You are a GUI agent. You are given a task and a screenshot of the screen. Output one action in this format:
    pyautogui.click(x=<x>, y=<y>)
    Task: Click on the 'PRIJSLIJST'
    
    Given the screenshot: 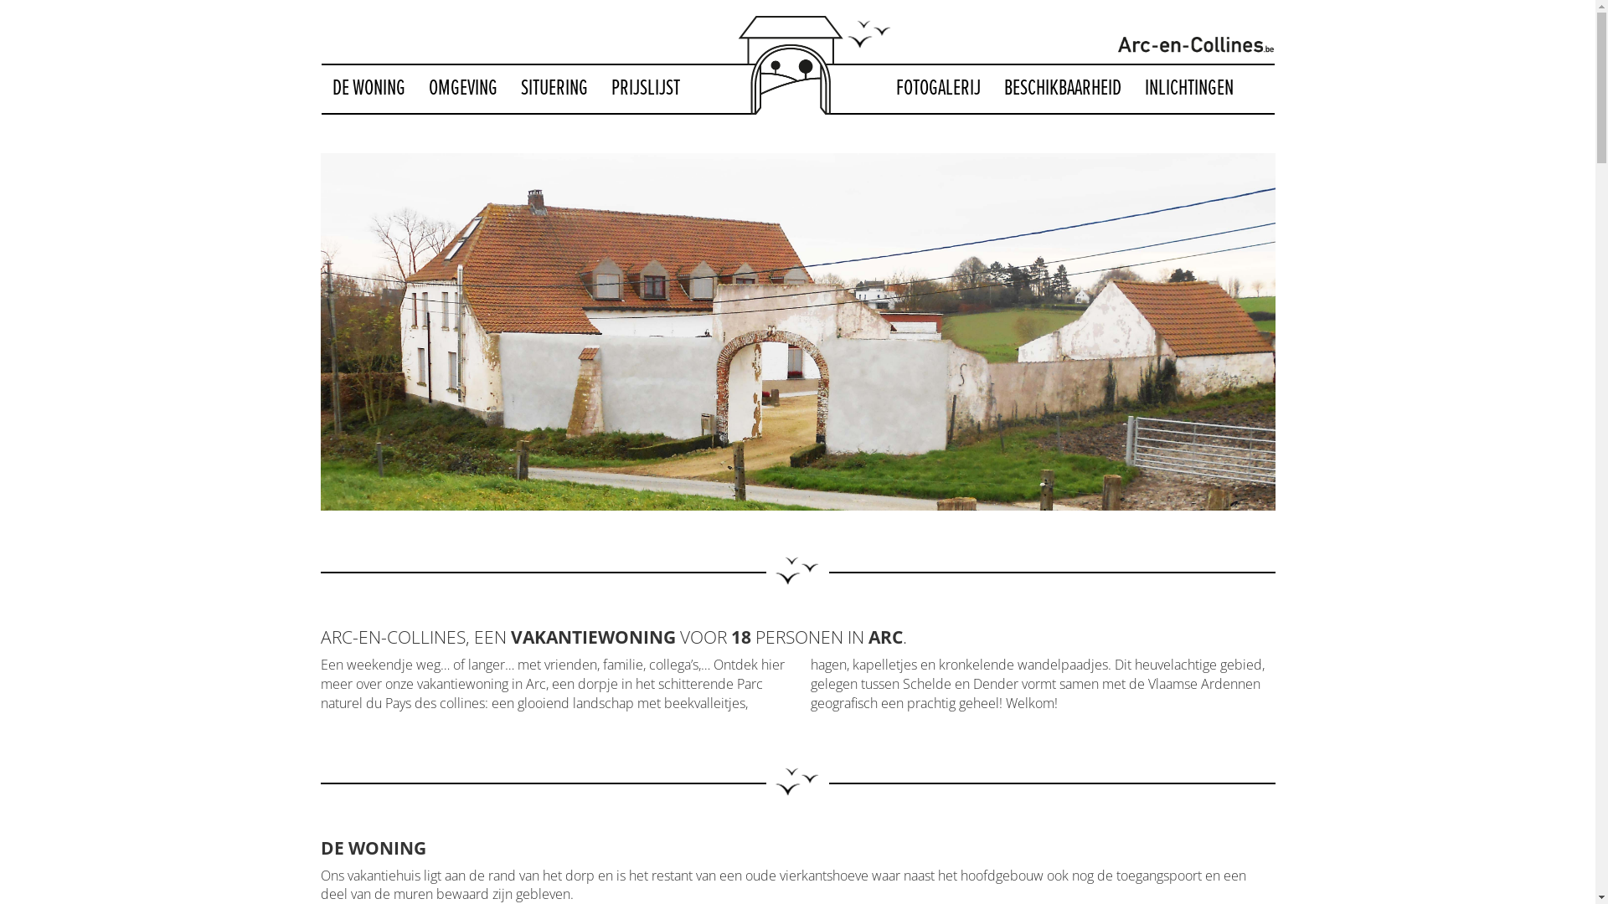 What is the action you would take?
    pyautogui.click(x=599, y=89)
    